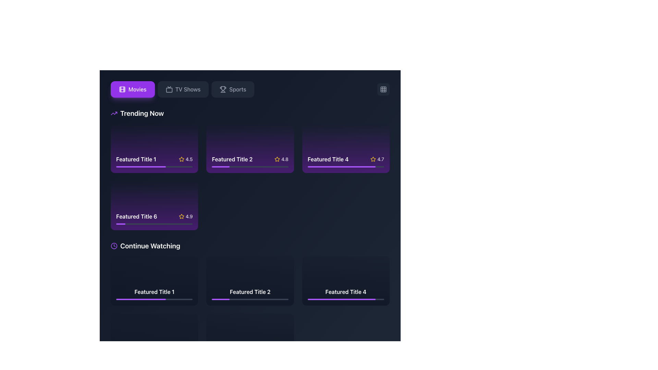  Describe the element at coordinates (342, 166) in the screenshot. I see `the Progress bar representing the completion level for 'Featured Title 4' located beneath the title in the 'Trending Now' section` at that location.